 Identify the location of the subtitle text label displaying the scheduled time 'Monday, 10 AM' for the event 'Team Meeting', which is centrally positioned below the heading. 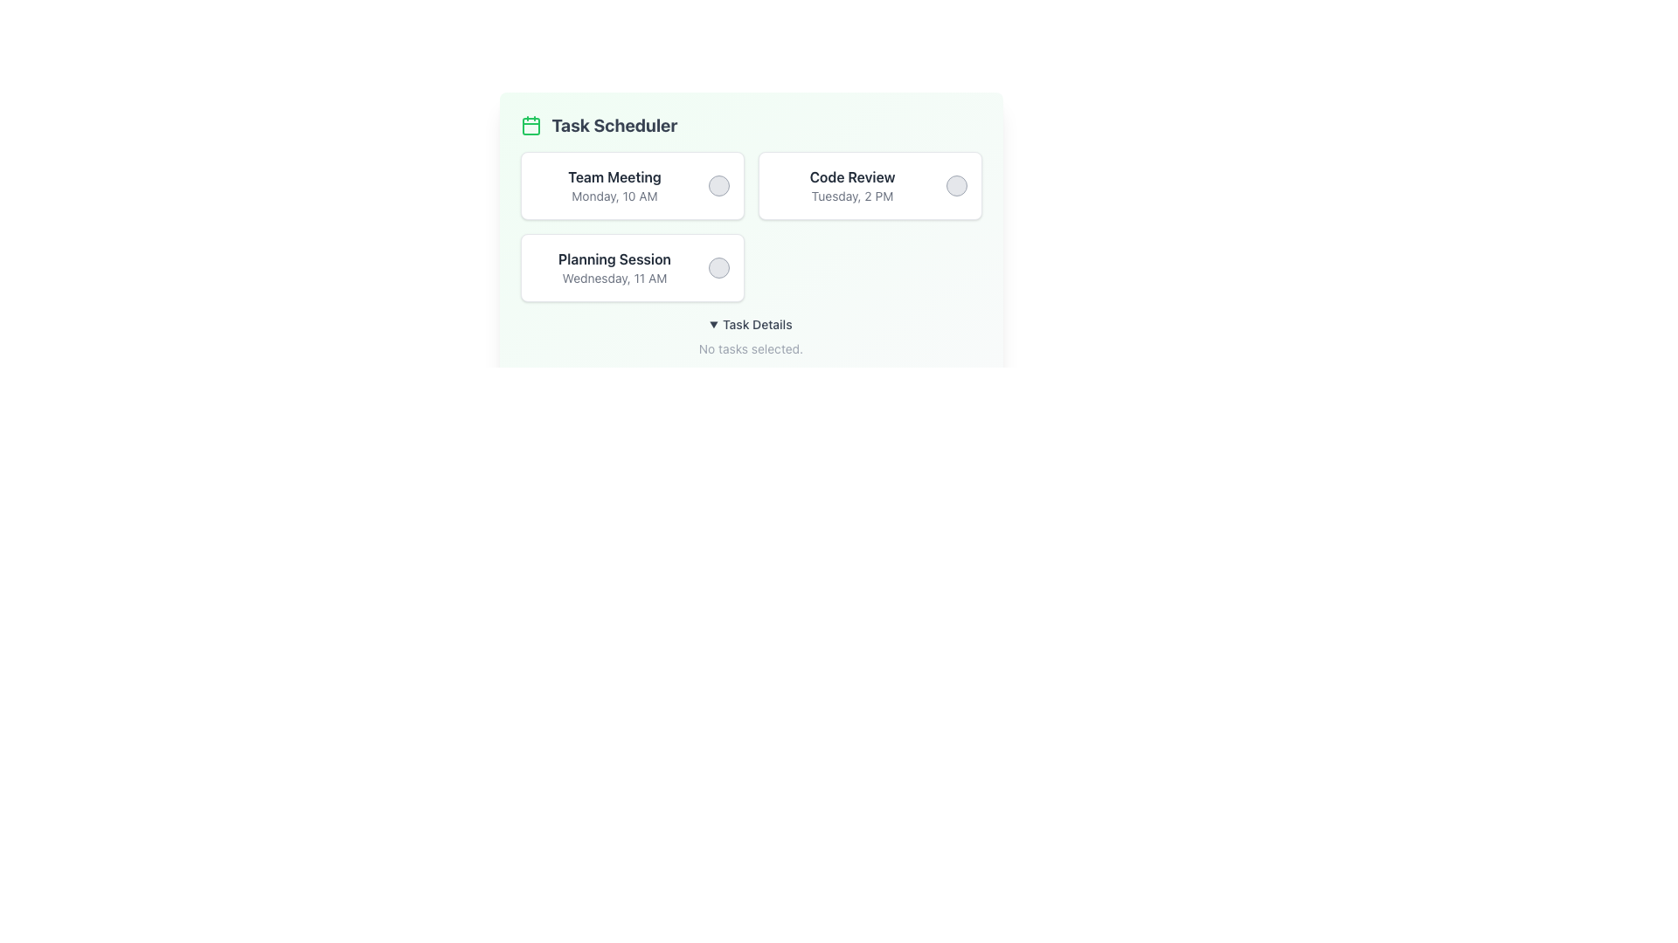
(614, 196).